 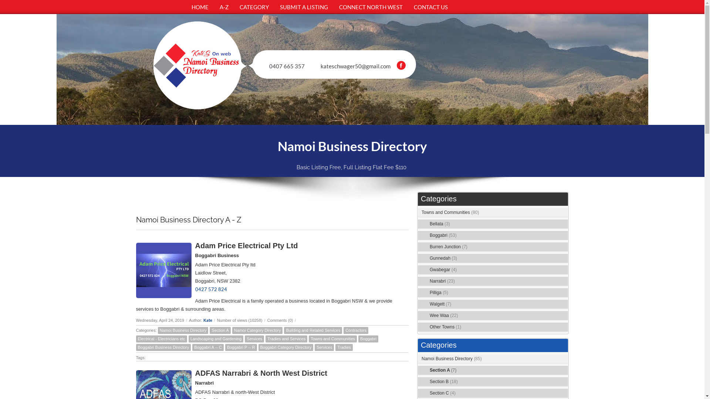 What do you see at coordinates (443, 370) in the screenshot?
I see `'Section A (7)'` at bounding box center [443, 370].